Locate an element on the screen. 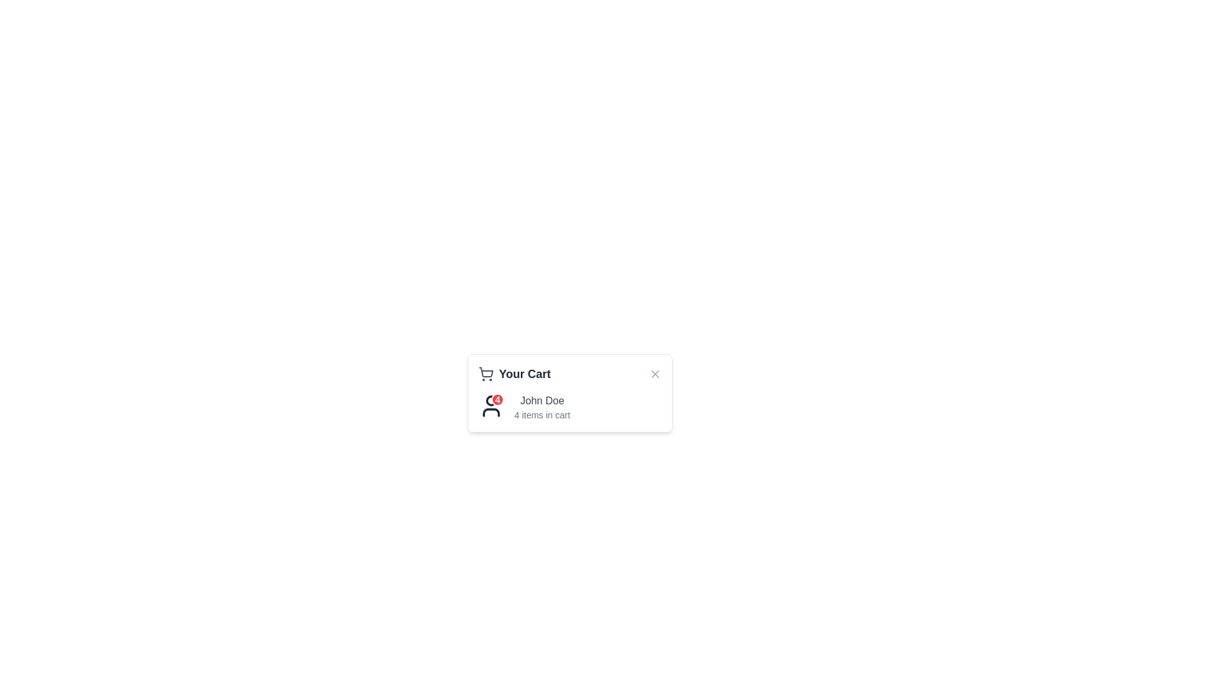  the Decorative icon component at the bottom part of the user avatar icon within the SVG image, which is styled with thin lines and placed below the head-like feature is located at coordinates (491, 413).